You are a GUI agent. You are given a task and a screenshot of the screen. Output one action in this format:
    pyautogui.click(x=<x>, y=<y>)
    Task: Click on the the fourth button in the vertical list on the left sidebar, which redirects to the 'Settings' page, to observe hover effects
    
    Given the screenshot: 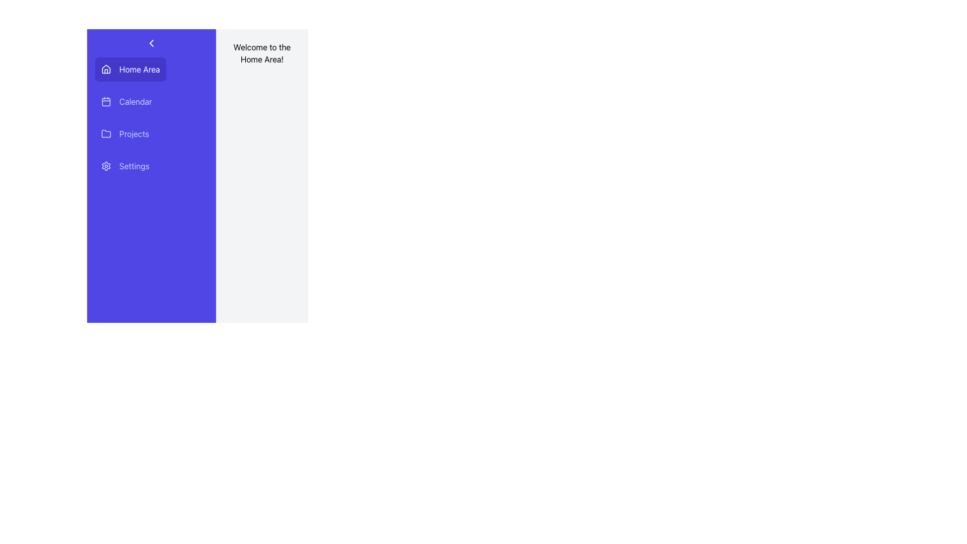 What is the action you would take?
    pyautogui.click(x=125, y=166)
    